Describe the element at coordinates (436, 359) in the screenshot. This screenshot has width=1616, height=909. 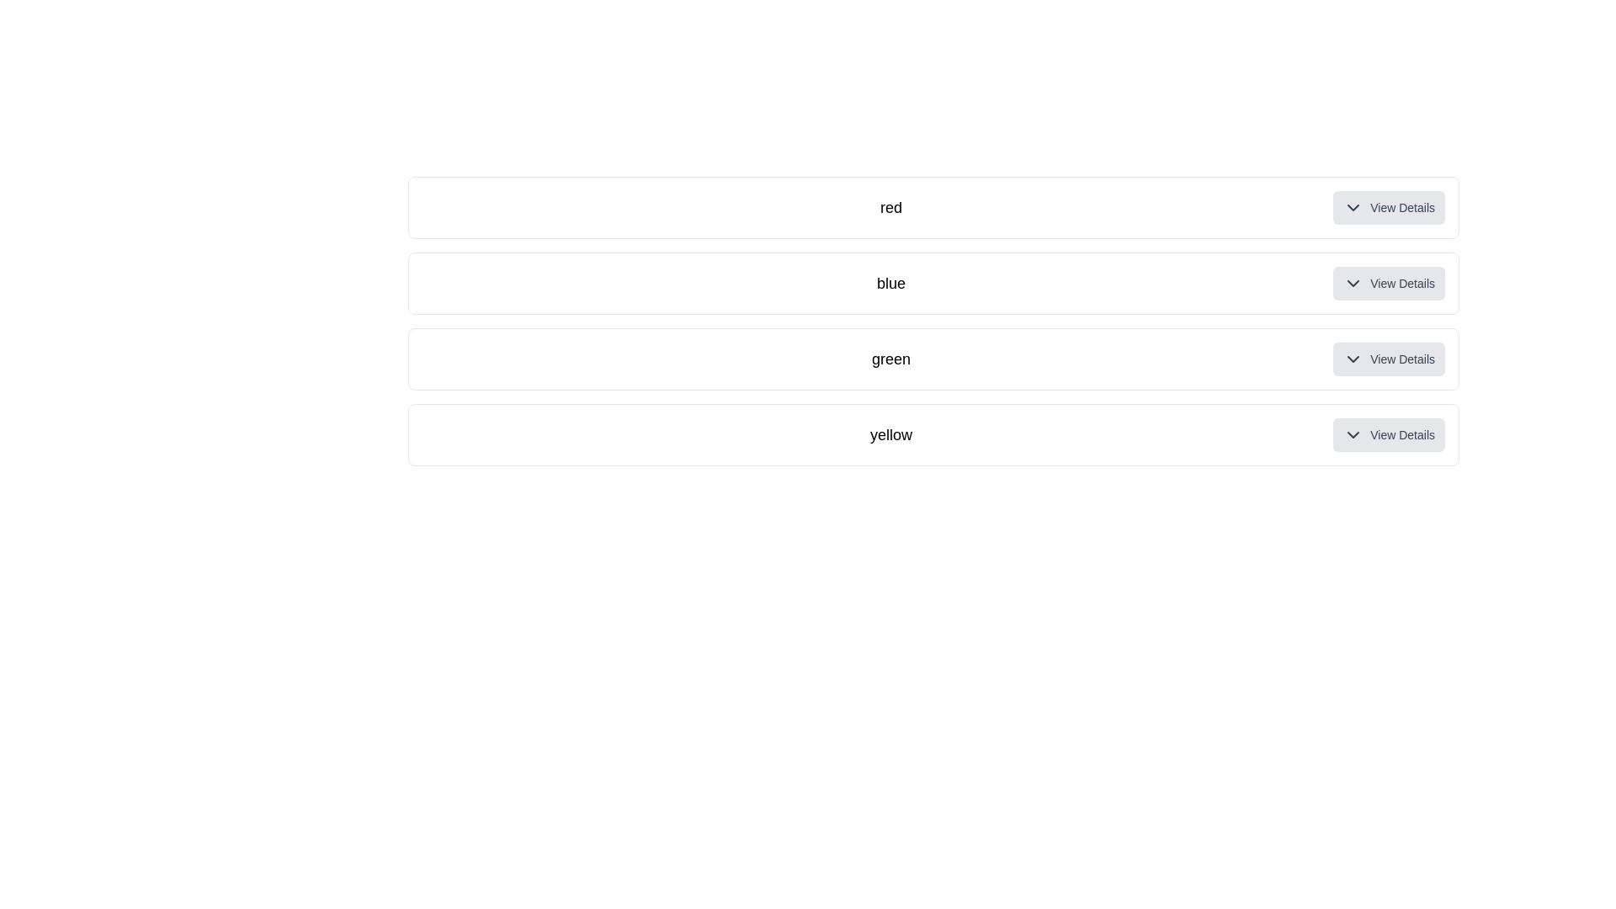
I see `the visual representation of the small green circular icon located on the left side of the row labeled 'green', which is the third row in a vertical stack` at that location.